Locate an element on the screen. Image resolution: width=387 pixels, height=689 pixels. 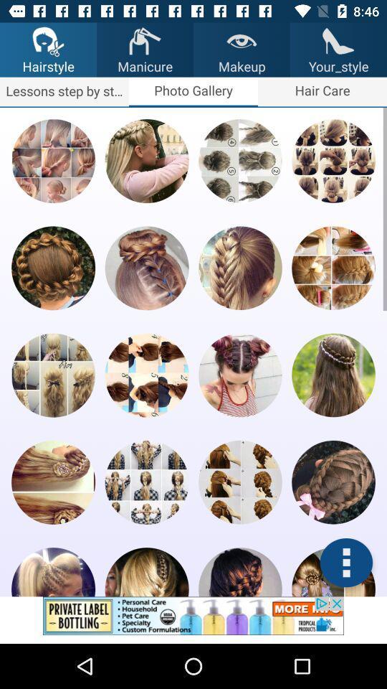
open this image is located at coordinates (146, 375).